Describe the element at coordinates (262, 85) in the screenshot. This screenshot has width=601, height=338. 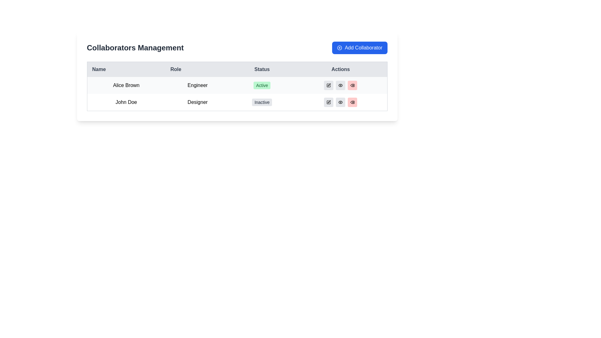
I see `status text from the 'Active' badge in the 'Status' column for user 'Alice Brown', who is an Engineer` at that location.